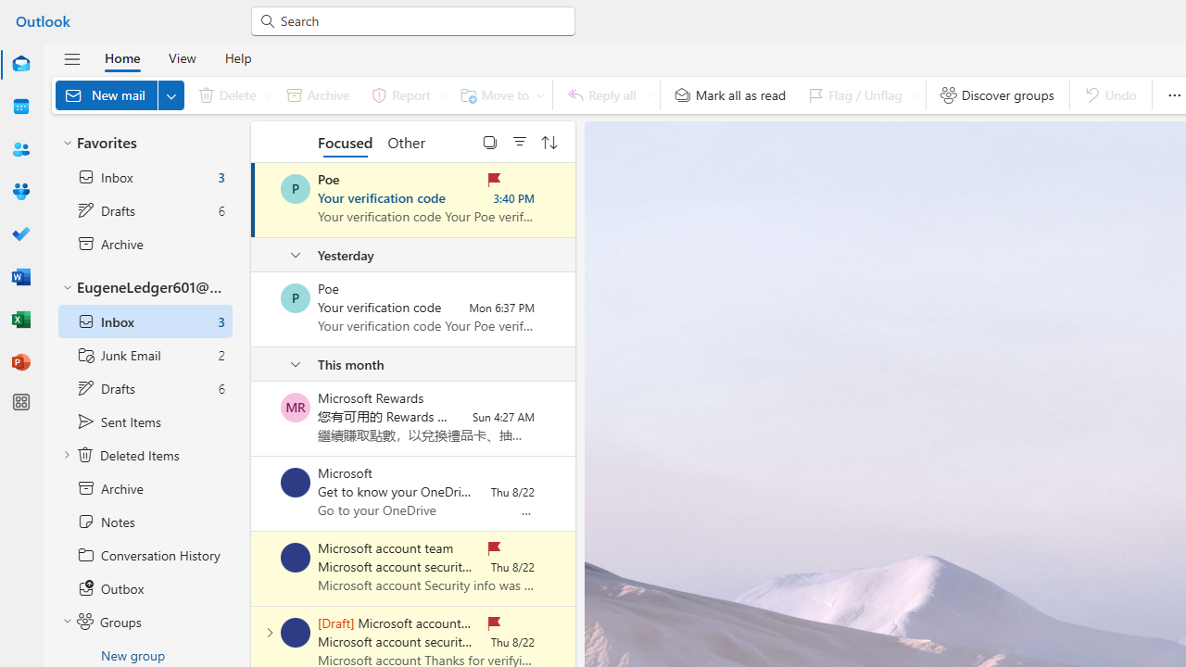 The height and width of the screenshot is (667, 1186). I want to click on 'Notes', so click(144, 522).